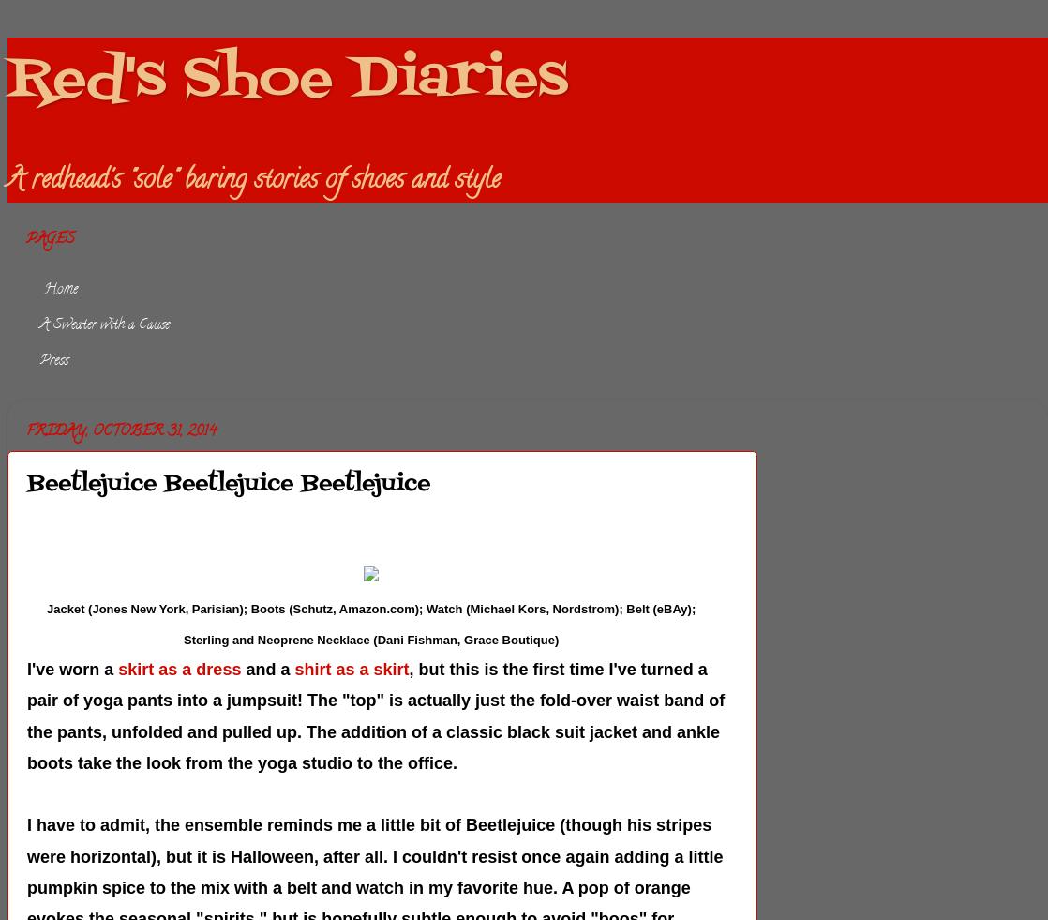  Describe the element at coordinates (375, 716) in the screenshot. I see `', but this is the first time I've turned a pair of yoga pants into a jumpsuit! The "top" is actually just the fold-over waist band of the pants, unfolded and pulled up. The addition of a classic black suit jacket and ankle boots take the look from the yoga studio to the office.'` at that location.